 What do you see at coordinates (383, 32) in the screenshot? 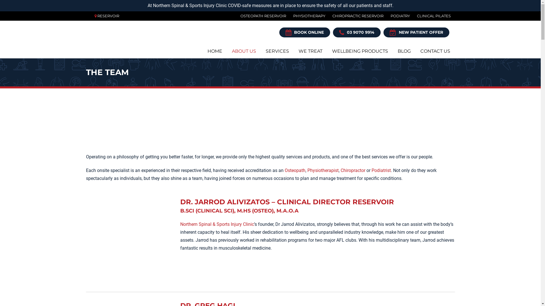
I see `'NEW PATIENT OFFER'` at bounding box center [383, 32].